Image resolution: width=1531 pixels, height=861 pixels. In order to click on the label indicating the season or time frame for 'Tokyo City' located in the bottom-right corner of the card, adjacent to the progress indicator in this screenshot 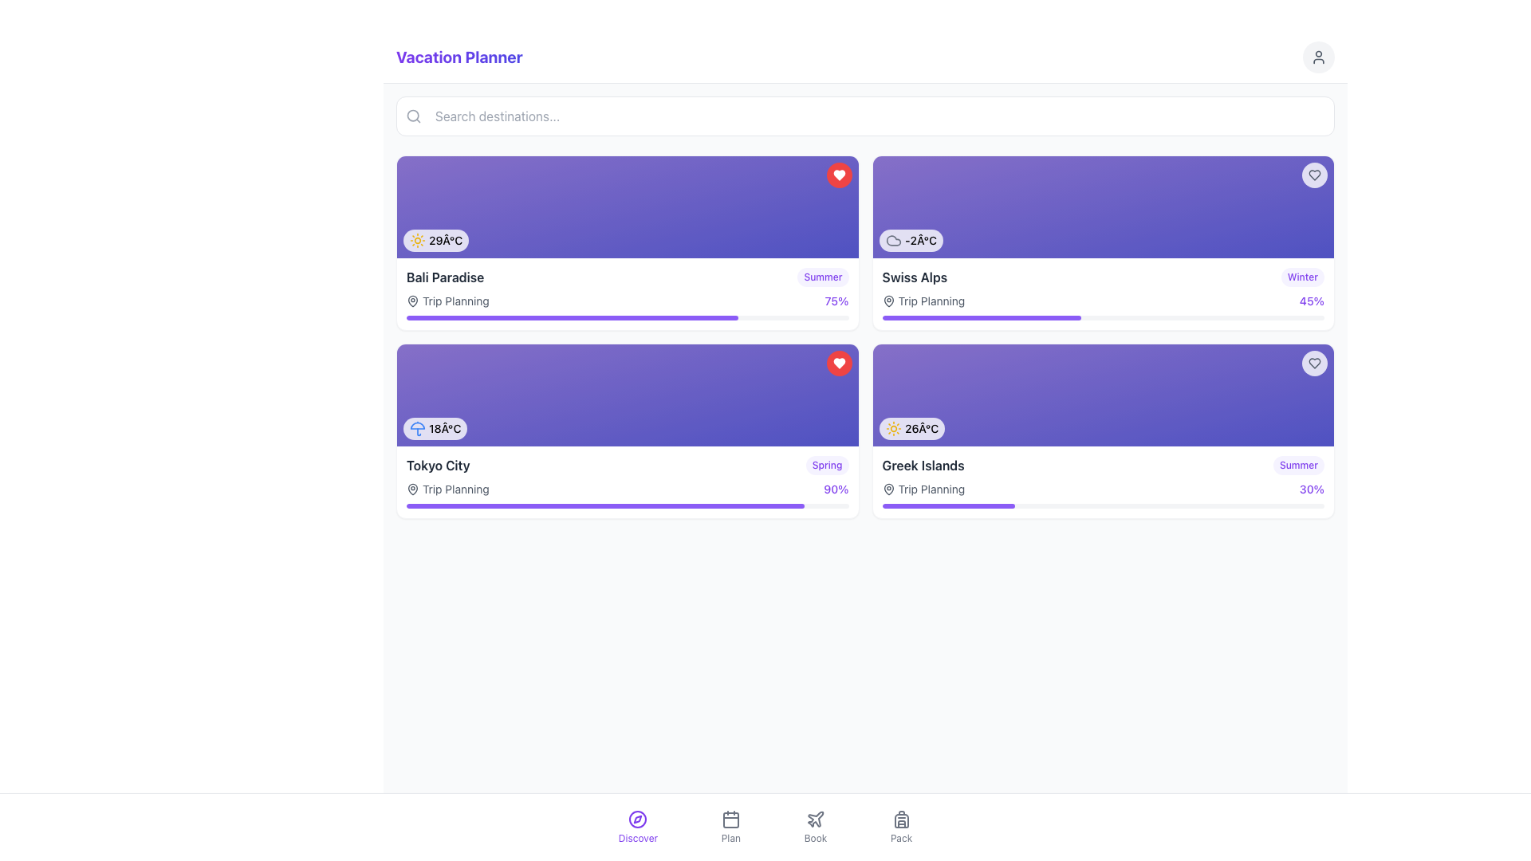, I will do `click(827, 465)`.